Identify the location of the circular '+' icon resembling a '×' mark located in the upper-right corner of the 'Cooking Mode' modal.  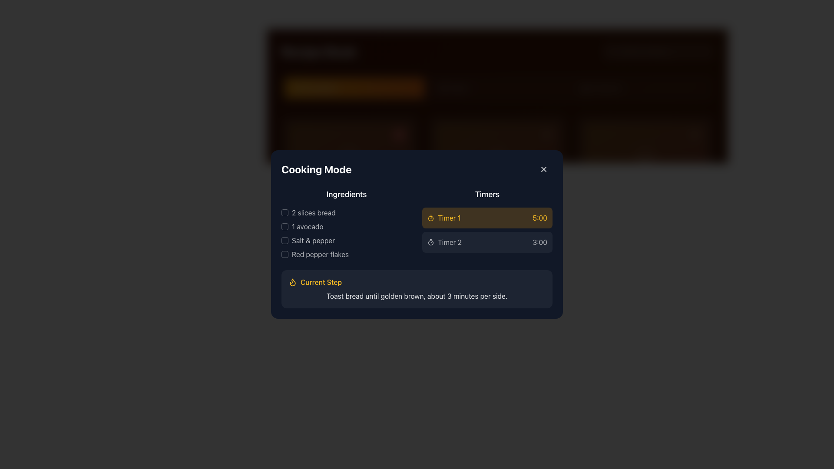
(543, 169).